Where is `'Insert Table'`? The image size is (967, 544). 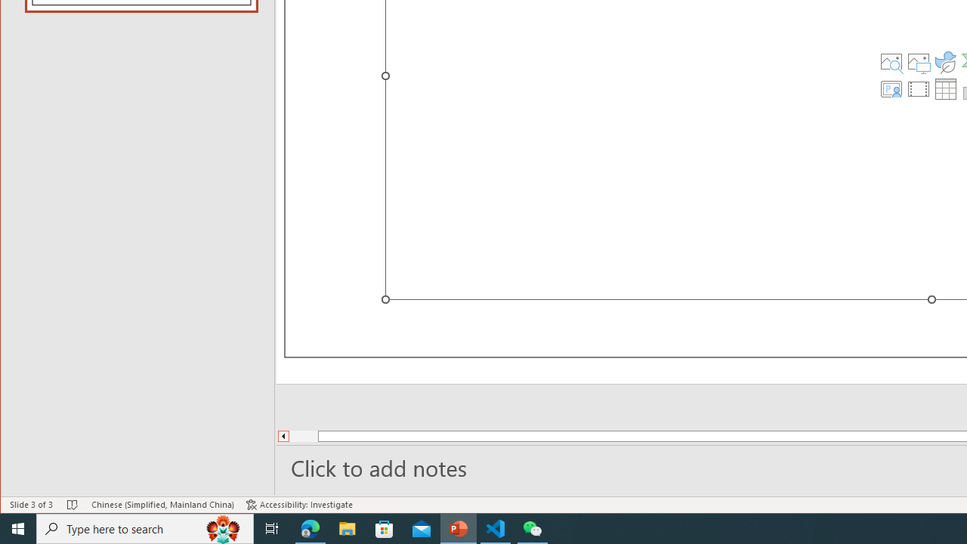
'Insert Table' is located at coordinates (945, 89).